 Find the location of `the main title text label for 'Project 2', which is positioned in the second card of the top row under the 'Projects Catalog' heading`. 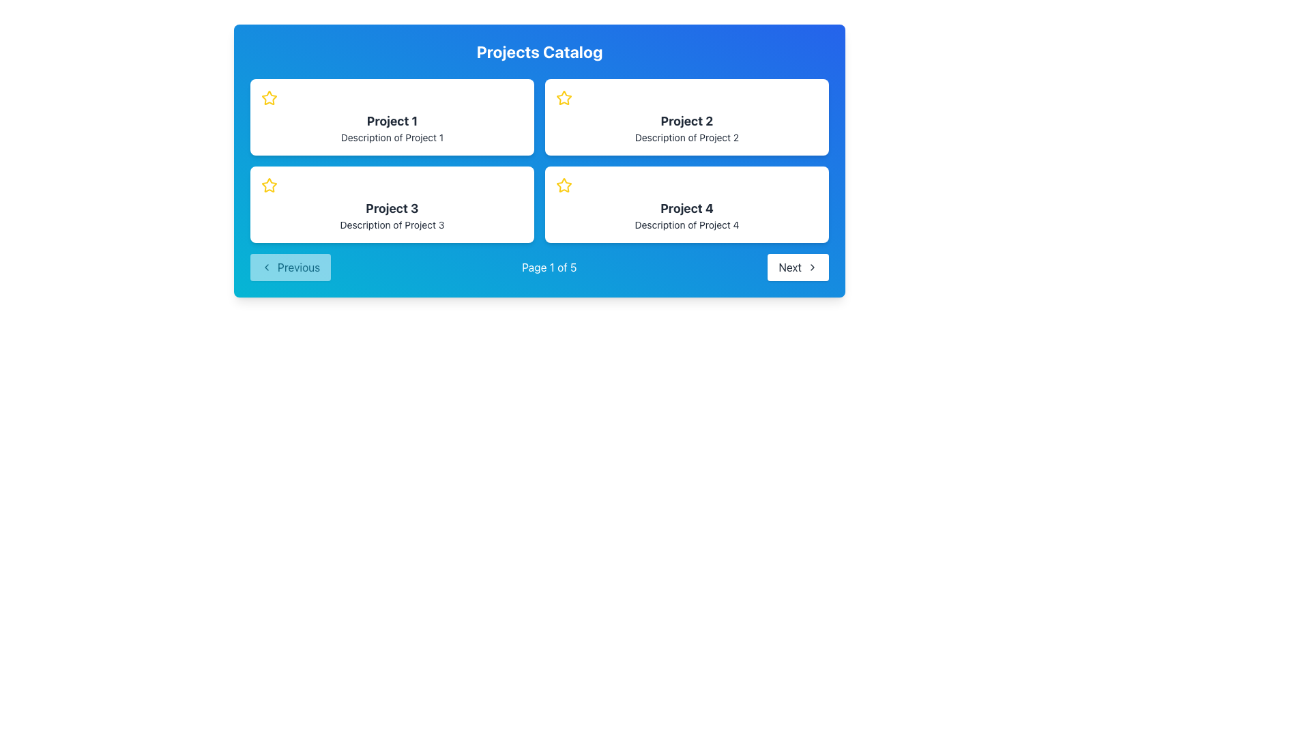

the main title text label for 'Project 2', which is positioned in the second card of the top row under the 'Projects Catalog' heading is located at coordinates (687, 120).